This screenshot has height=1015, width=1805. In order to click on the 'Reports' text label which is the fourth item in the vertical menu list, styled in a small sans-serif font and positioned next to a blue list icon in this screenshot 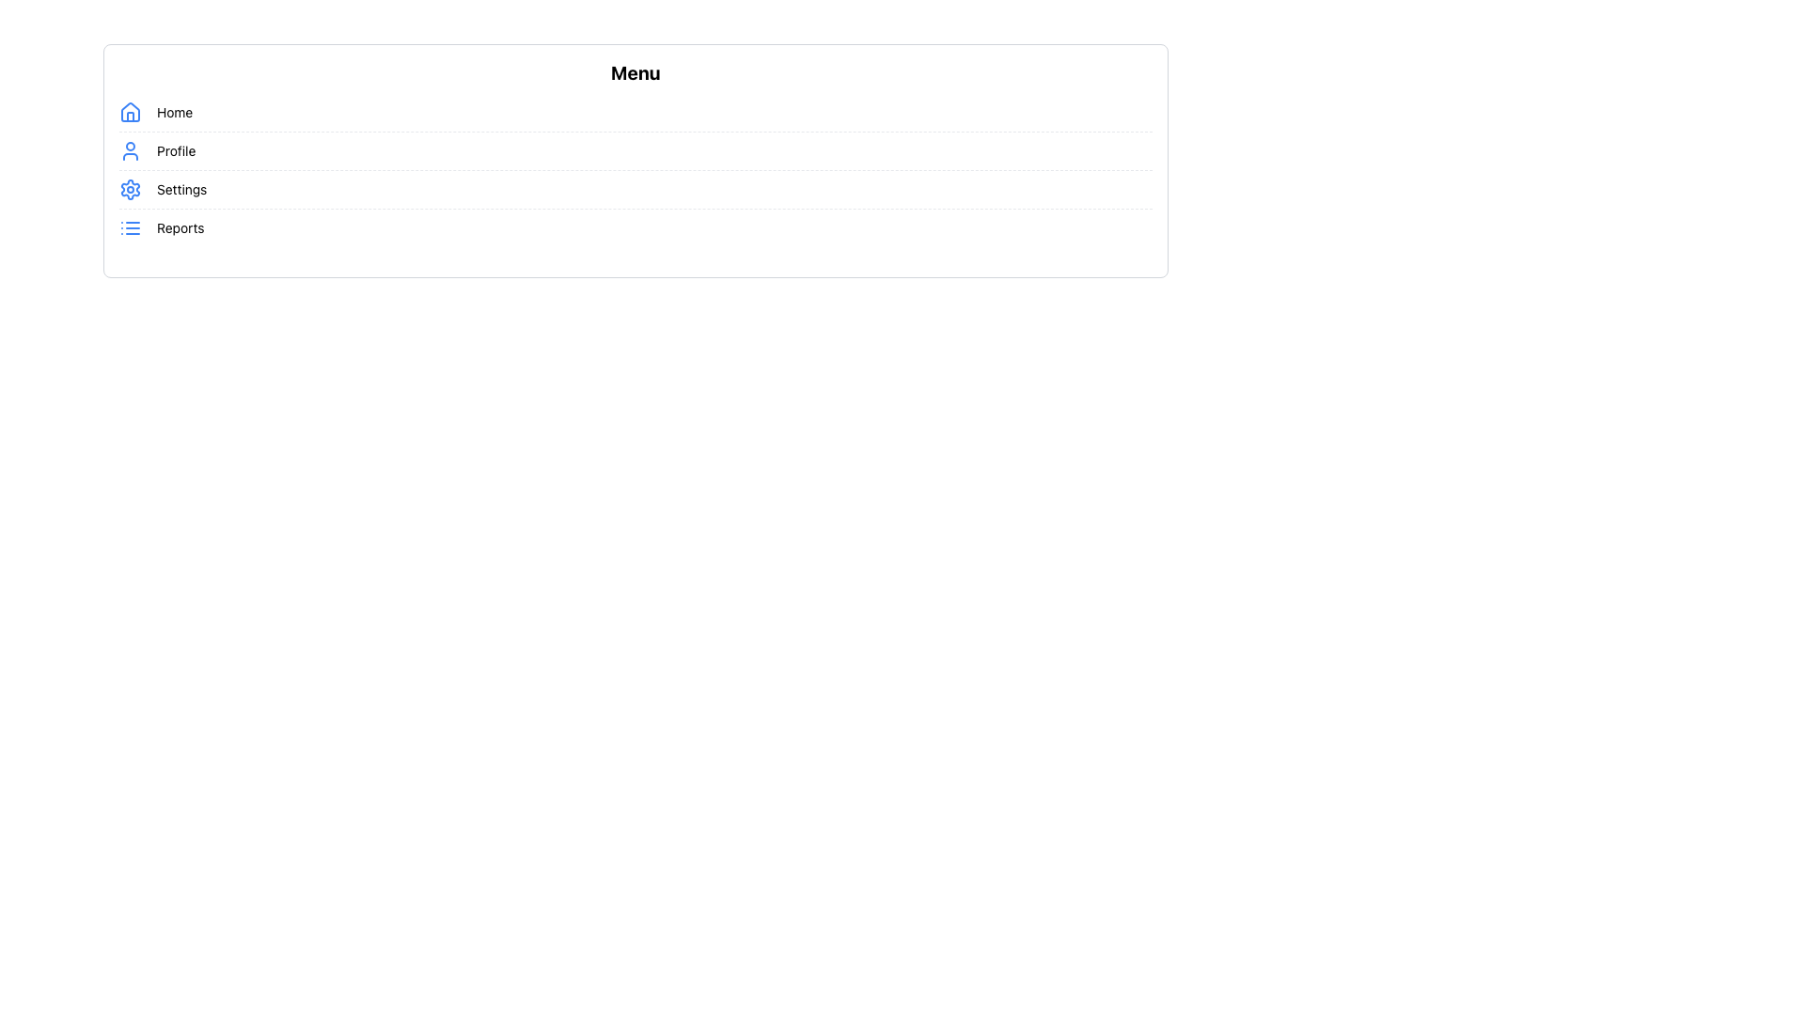, I will do `click(180, 227)`.